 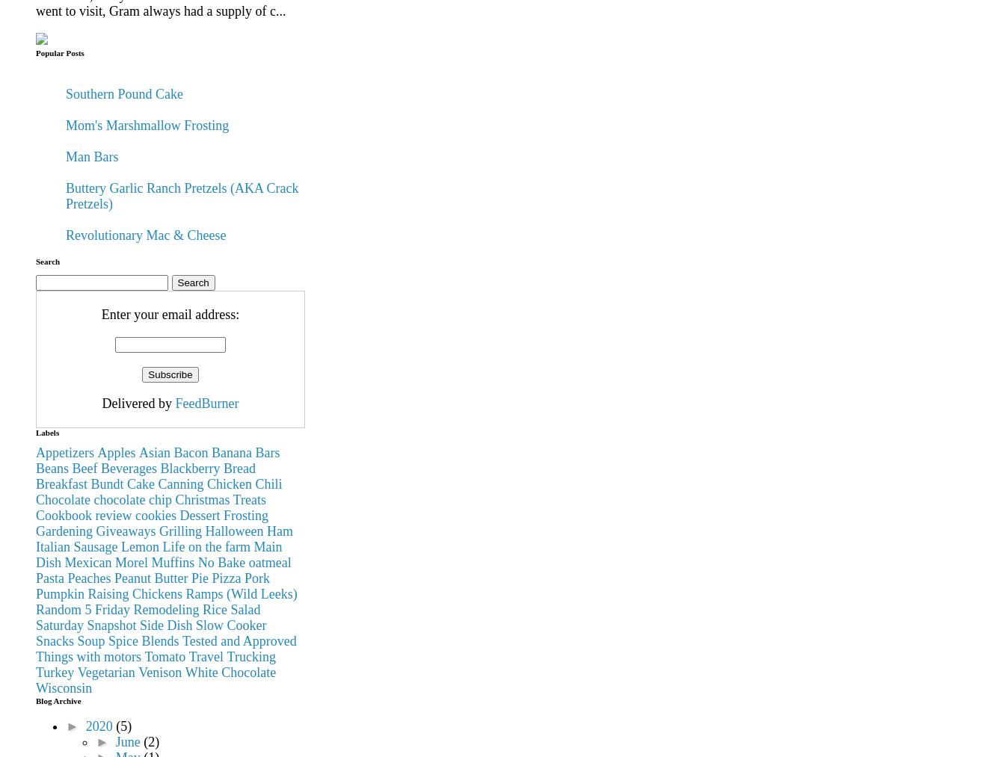 I want to click on 'Apples', so click(x=115, y=452).